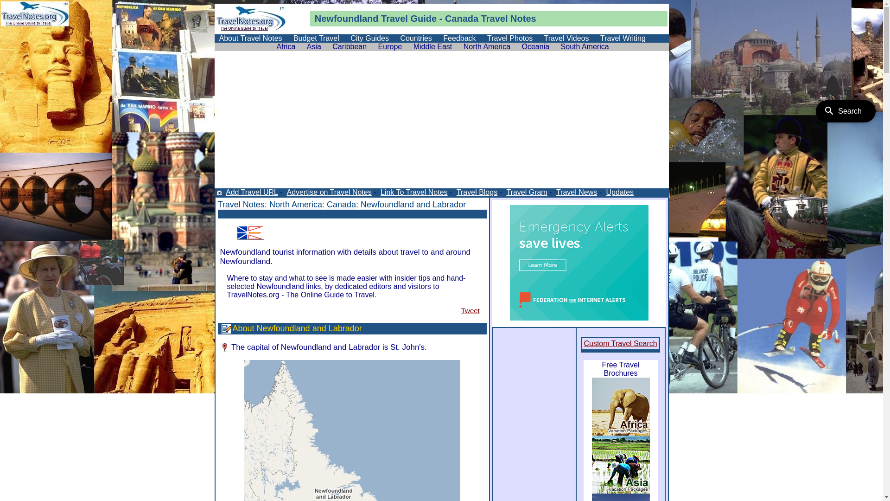 This screenshot has height=501, width=890. What do you see at coordinates (623, 38) in the screenshot?
I see `'Travel Writing'` at bounding box center [623, 38].